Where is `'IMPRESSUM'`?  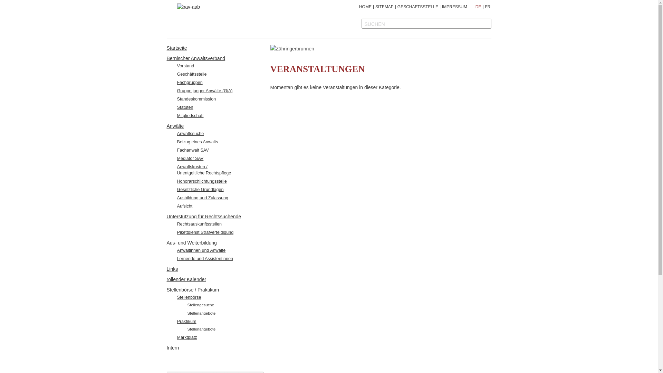 'IMPRESSUM' is located at coordinates (454, 7).